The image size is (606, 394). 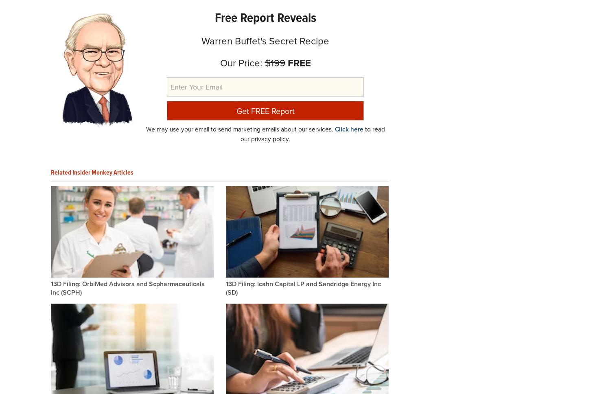 I want to click on 'to read our privacy policy.', so click(x=240, y=134).